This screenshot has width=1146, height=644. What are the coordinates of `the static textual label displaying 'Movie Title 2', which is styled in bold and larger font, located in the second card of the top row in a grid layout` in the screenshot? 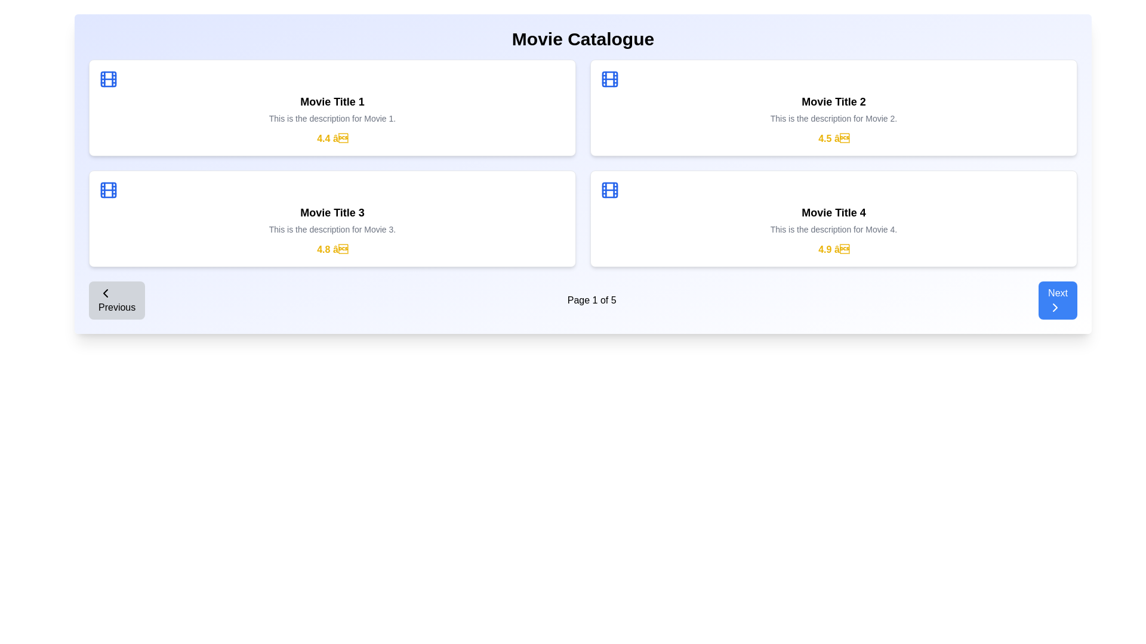 It's located at (833, 101).